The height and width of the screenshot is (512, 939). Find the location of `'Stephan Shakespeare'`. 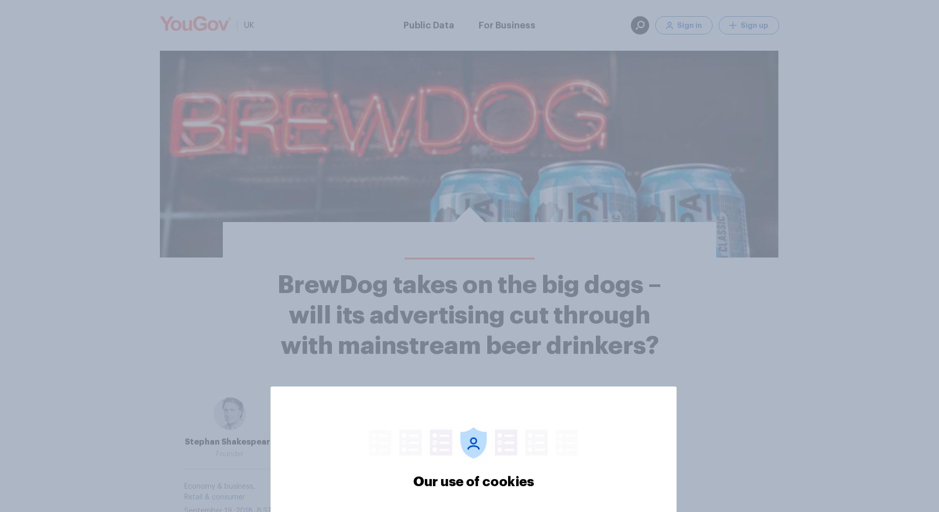

'Stephan Shakespeare' is located at coordinates (229, 442).